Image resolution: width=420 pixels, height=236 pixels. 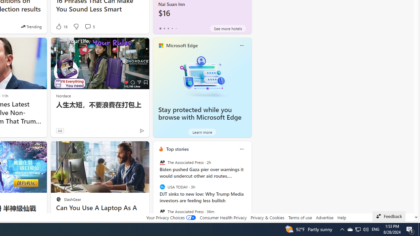 What do you see at coordinates (176, 28) in the screenshot?
I see `'tab-4'` at bounding box center [176, 28].